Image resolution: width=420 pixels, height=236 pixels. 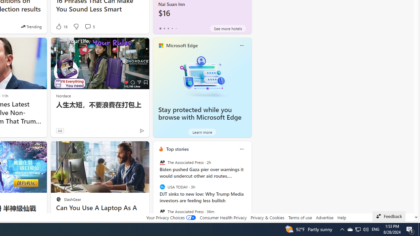 What do you see at coordinates (176, 28) in the screenshot?
I see `'tab-4'` at bounding box center [176, 28].